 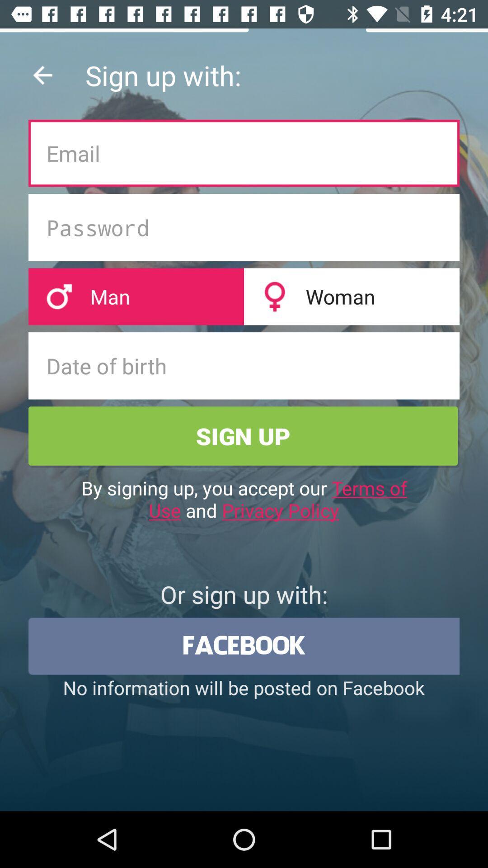 I want to click on green color box, so click(x=244, y=437).